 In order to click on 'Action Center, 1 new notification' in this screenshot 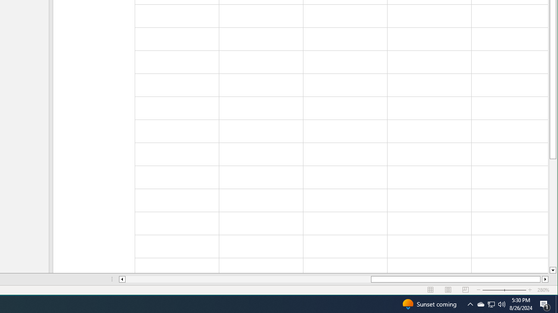, I will do `click(545, 303)`.